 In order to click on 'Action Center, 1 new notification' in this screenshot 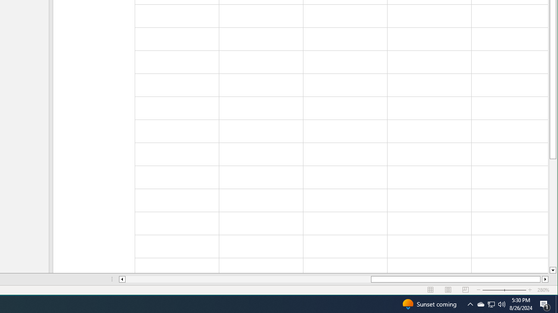, I will do `click(545, 303)`.